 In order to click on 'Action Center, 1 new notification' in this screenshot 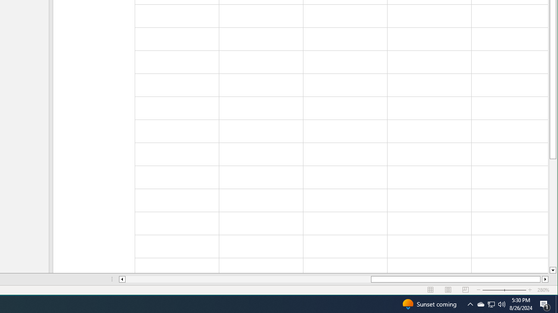, I will do `click(545, 303)`.